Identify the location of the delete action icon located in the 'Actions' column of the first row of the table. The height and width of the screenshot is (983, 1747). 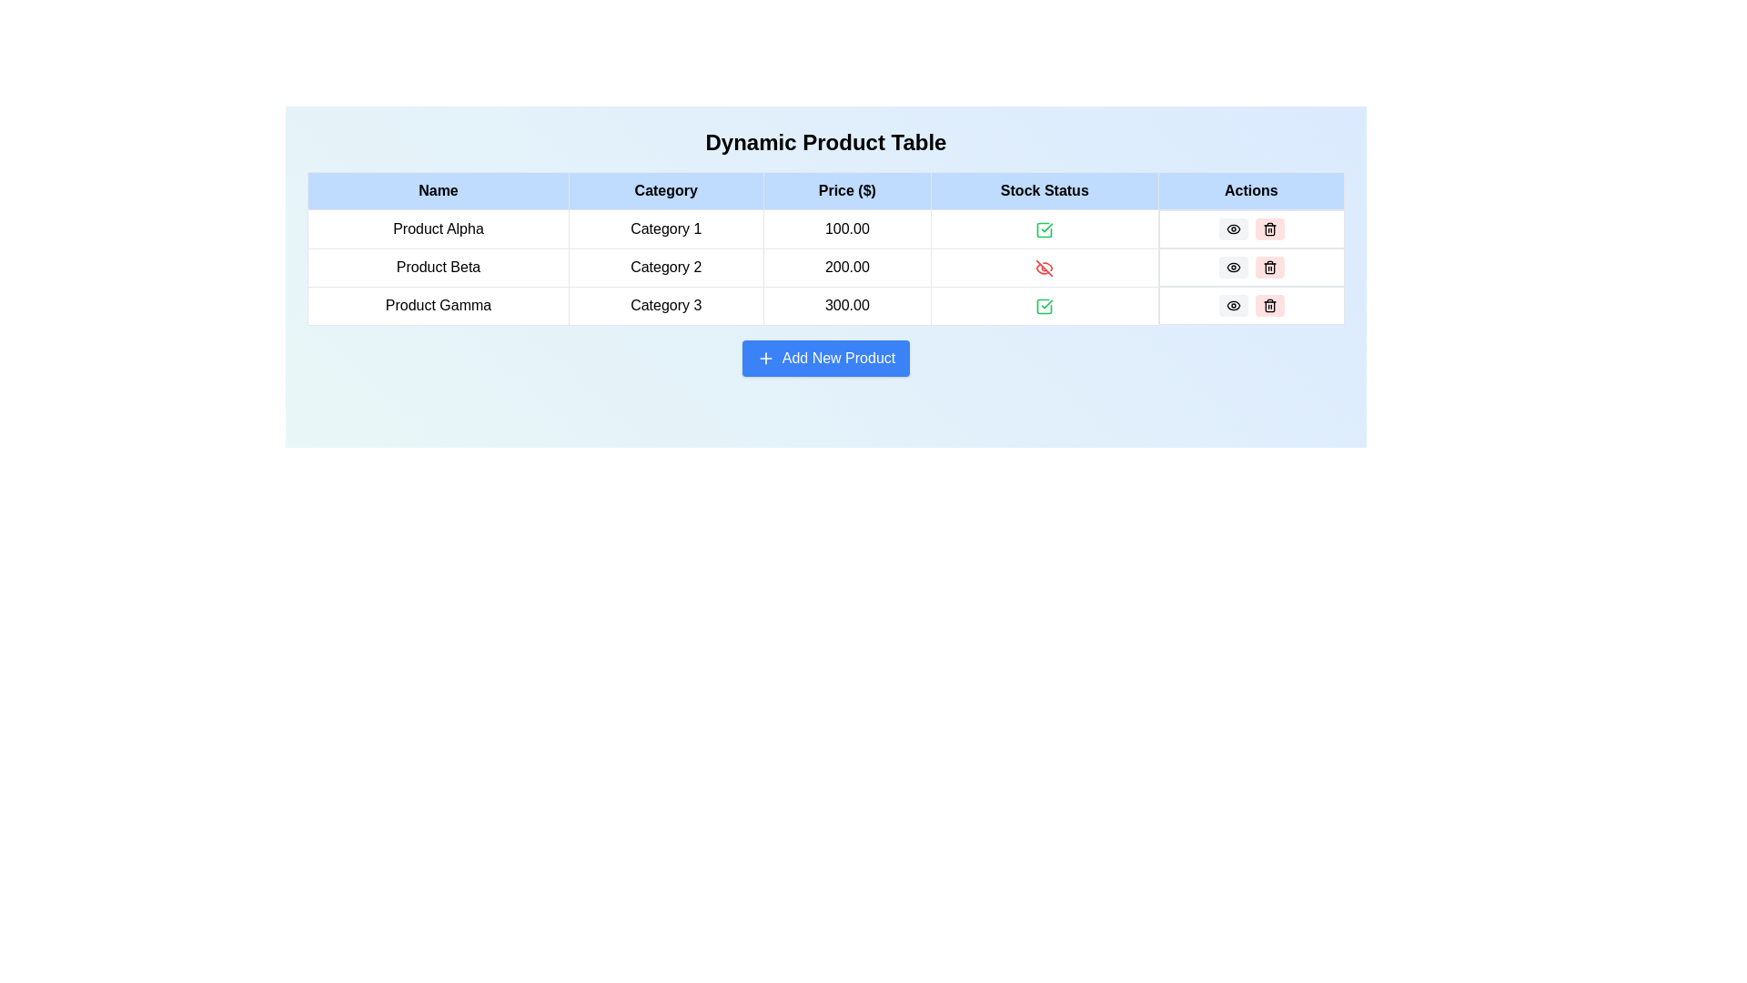
(1268, 228).